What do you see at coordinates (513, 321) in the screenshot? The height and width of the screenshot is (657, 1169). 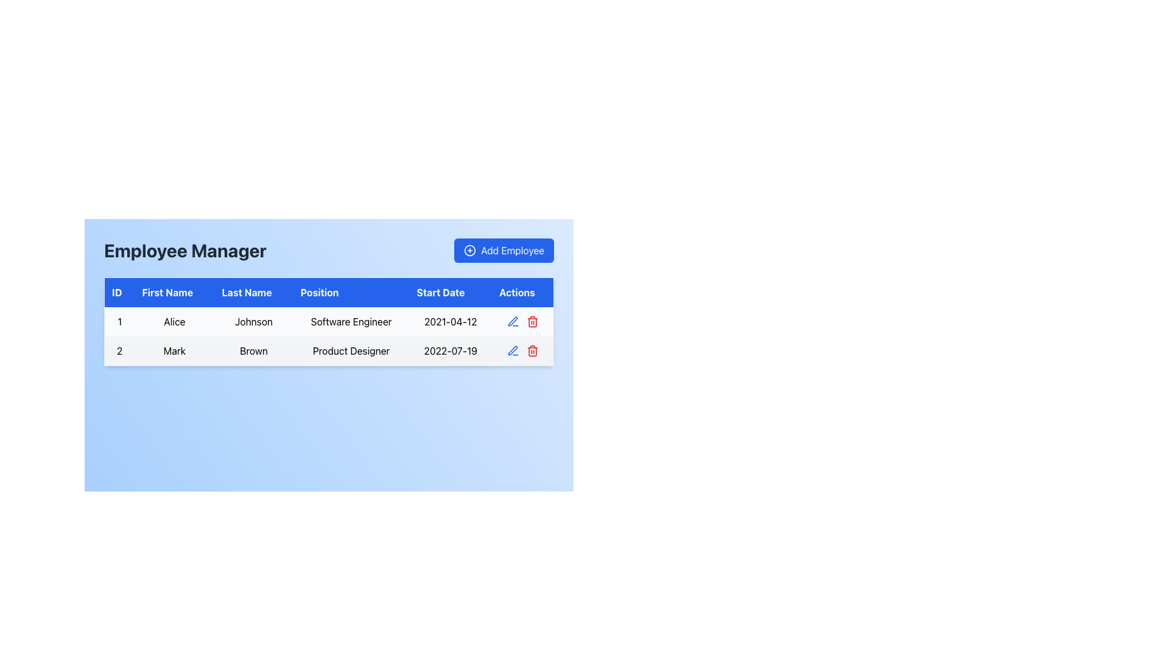 I see `the edit Icon button located in the 'Actions' column of the second row of the employee table` at bounding box center [513, 321].